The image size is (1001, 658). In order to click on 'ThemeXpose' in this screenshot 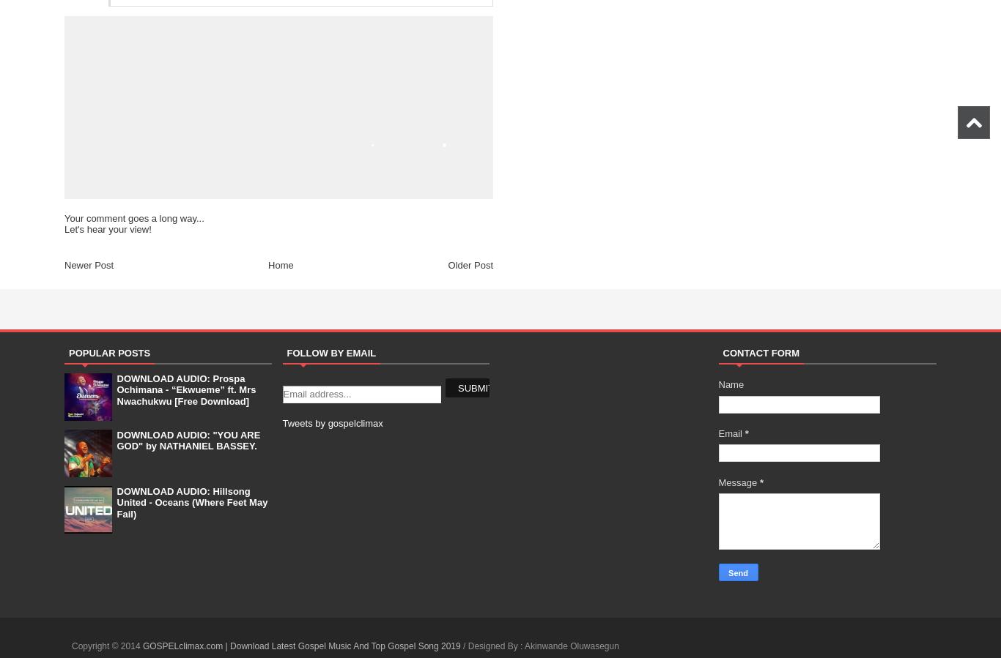, I will do `click(646, 646)`.